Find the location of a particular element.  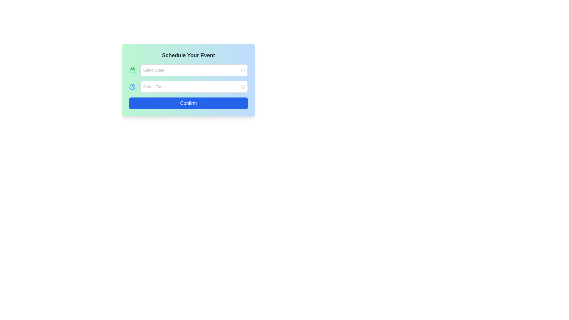

the date input field in the date and time picker section of the 'Schedule Your Event' card is located at coordinates (188, 78).